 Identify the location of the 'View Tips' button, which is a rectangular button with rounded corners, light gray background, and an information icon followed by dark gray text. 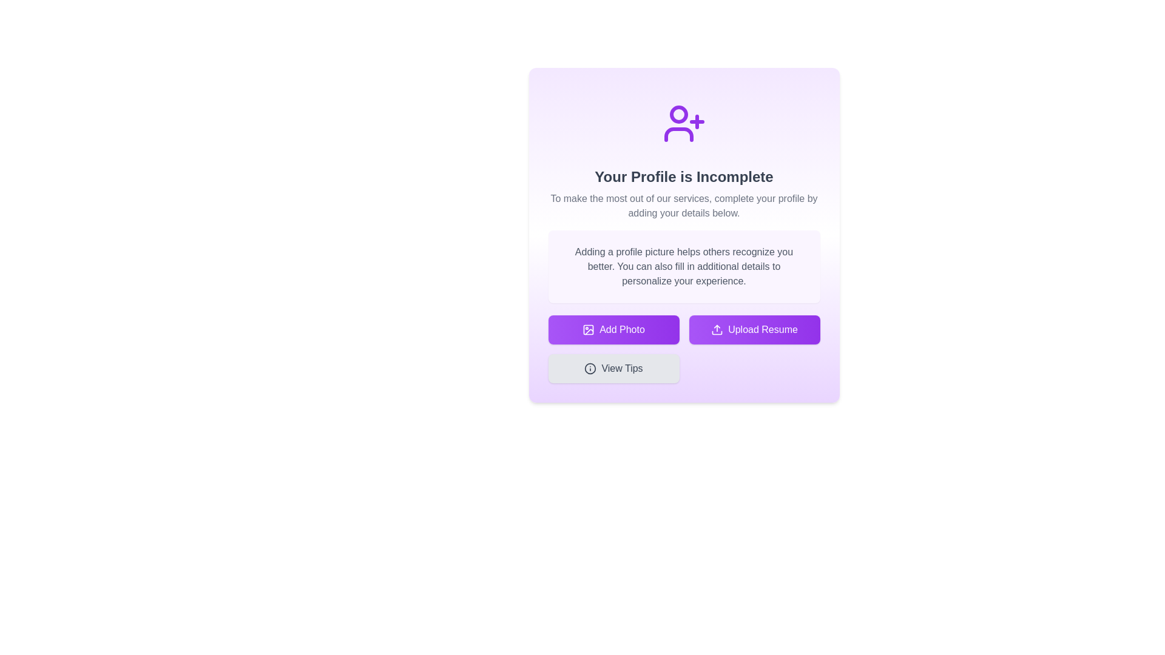
(613, 368).